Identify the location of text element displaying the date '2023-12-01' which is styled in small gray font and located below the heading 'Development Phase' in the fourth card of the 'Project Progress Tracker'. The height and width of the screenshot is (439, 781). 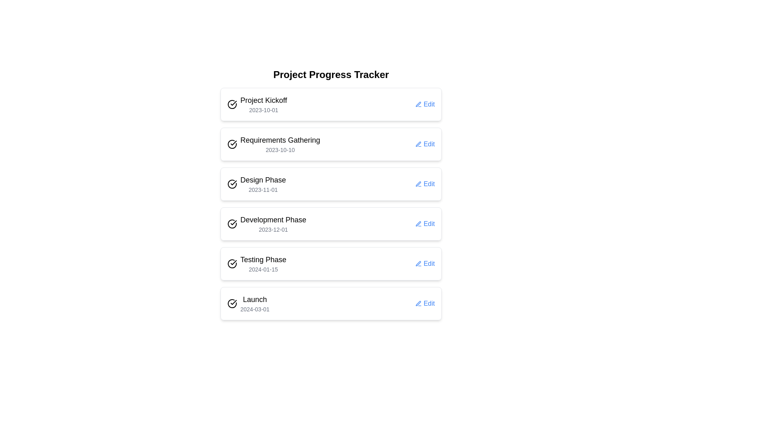
(273, 229).